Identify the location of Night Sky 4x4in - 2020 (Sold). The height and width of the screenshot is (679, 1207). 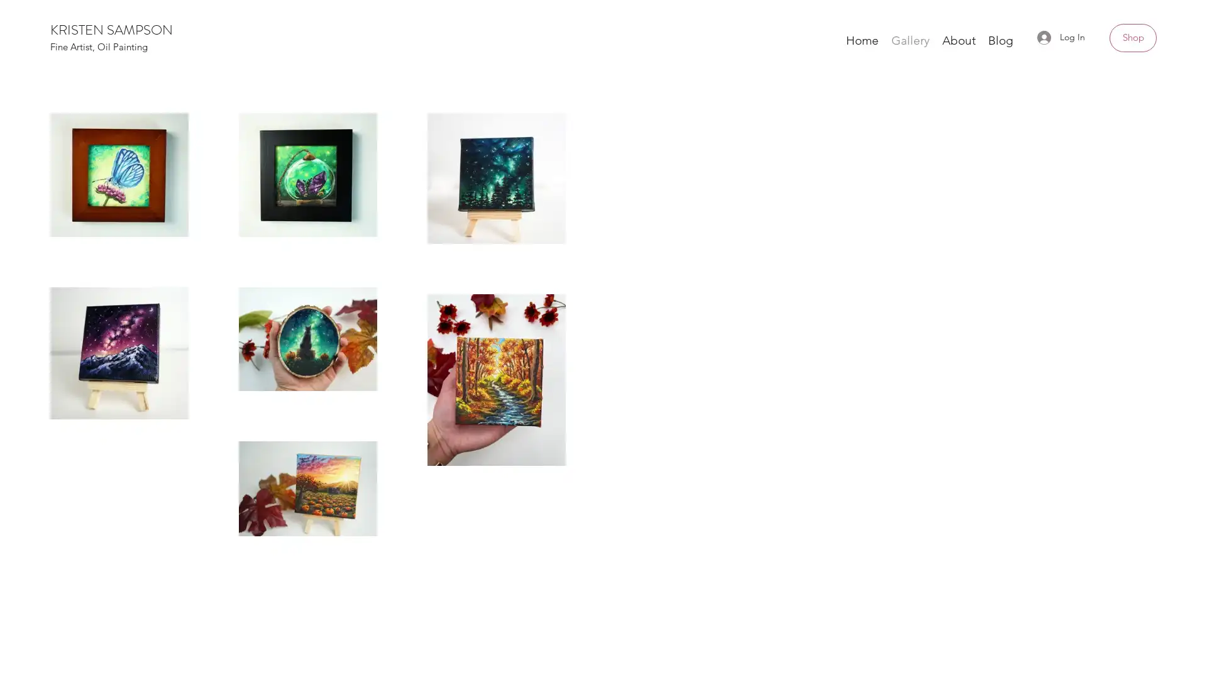
(988, 270).